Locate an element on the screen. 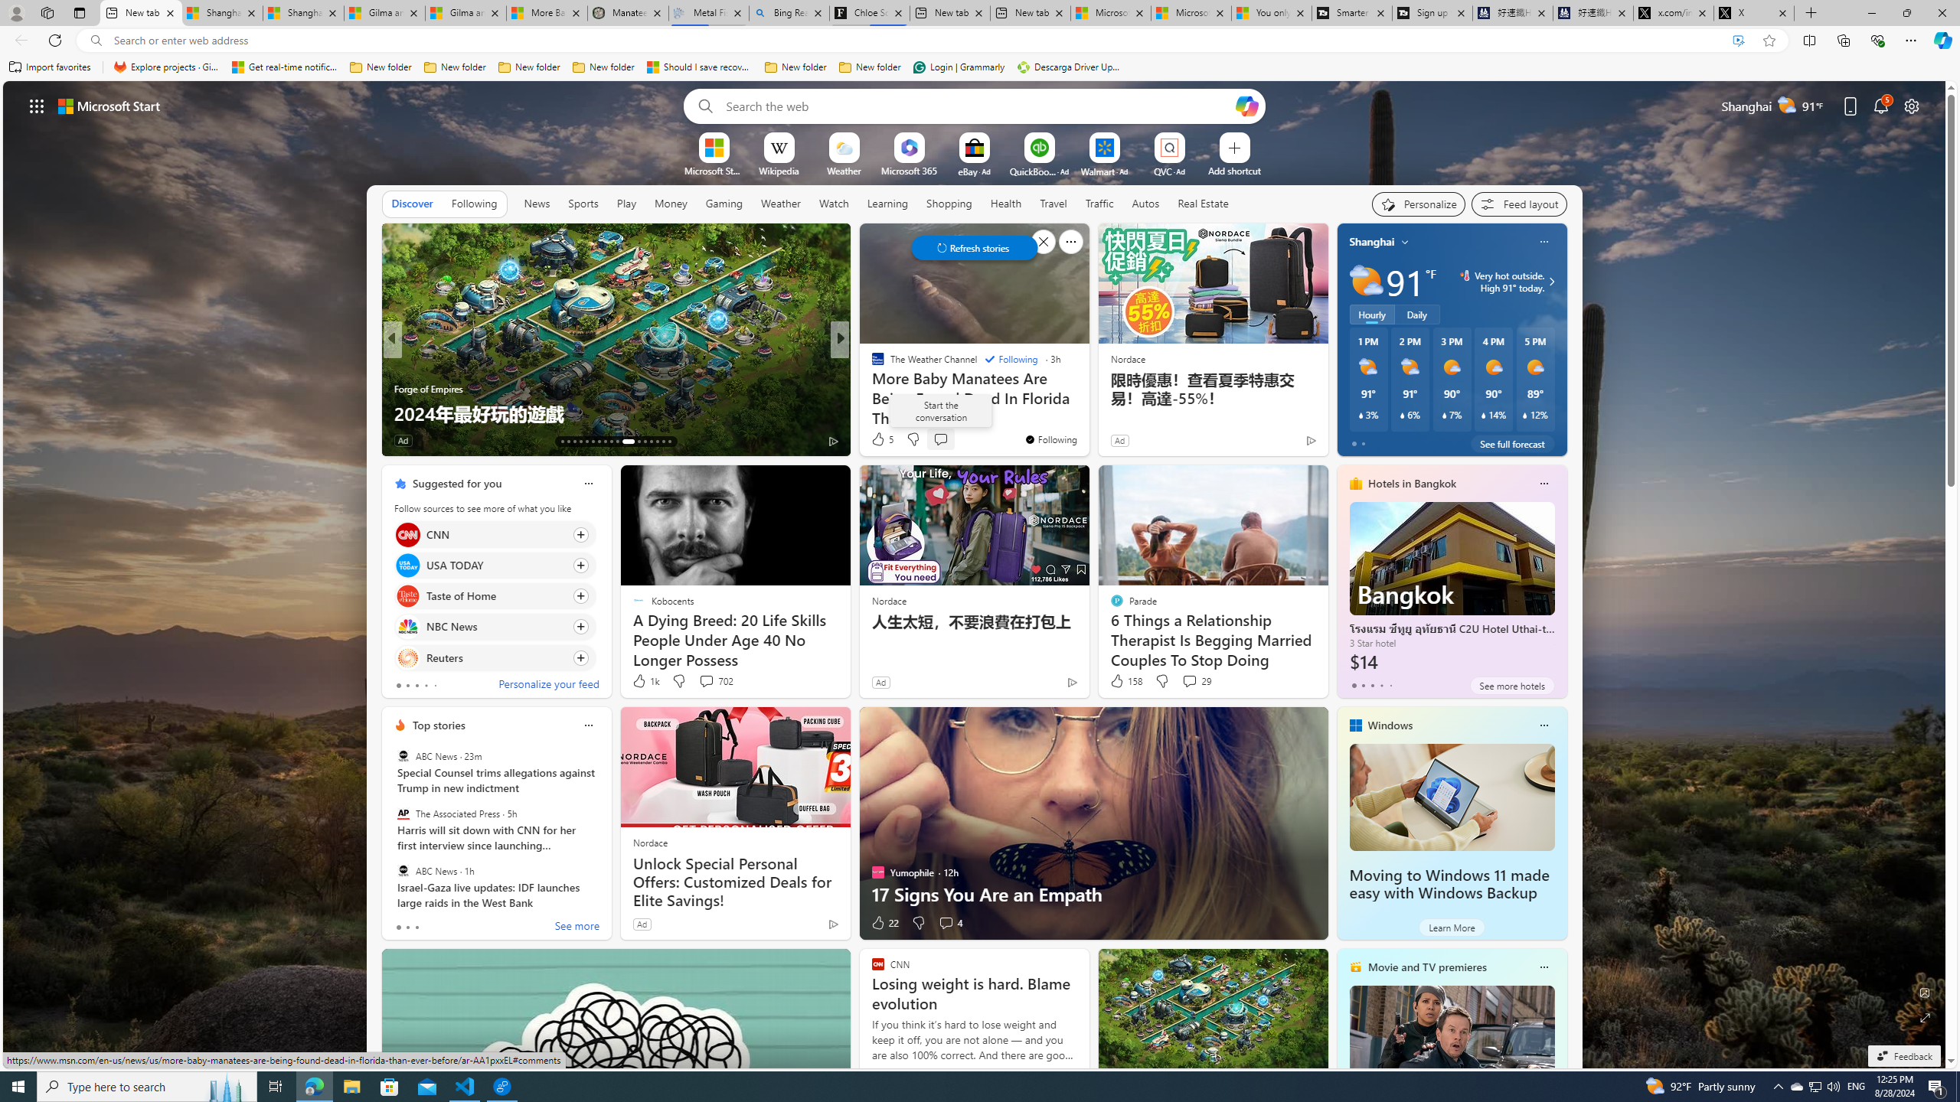 This screenshot has width=1960, height=1102. 'Real Estate' is located at coordinates (1202, 202).